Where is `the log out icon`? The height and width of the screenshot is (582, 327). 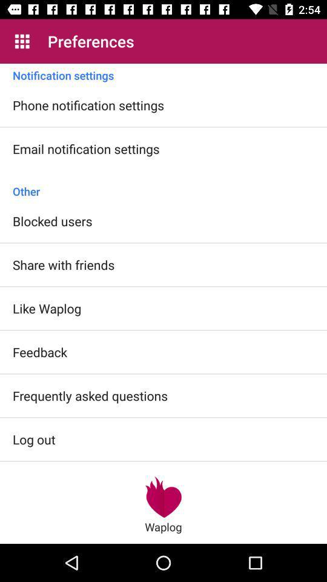
the log out icon is located at coordinates (34, 438).